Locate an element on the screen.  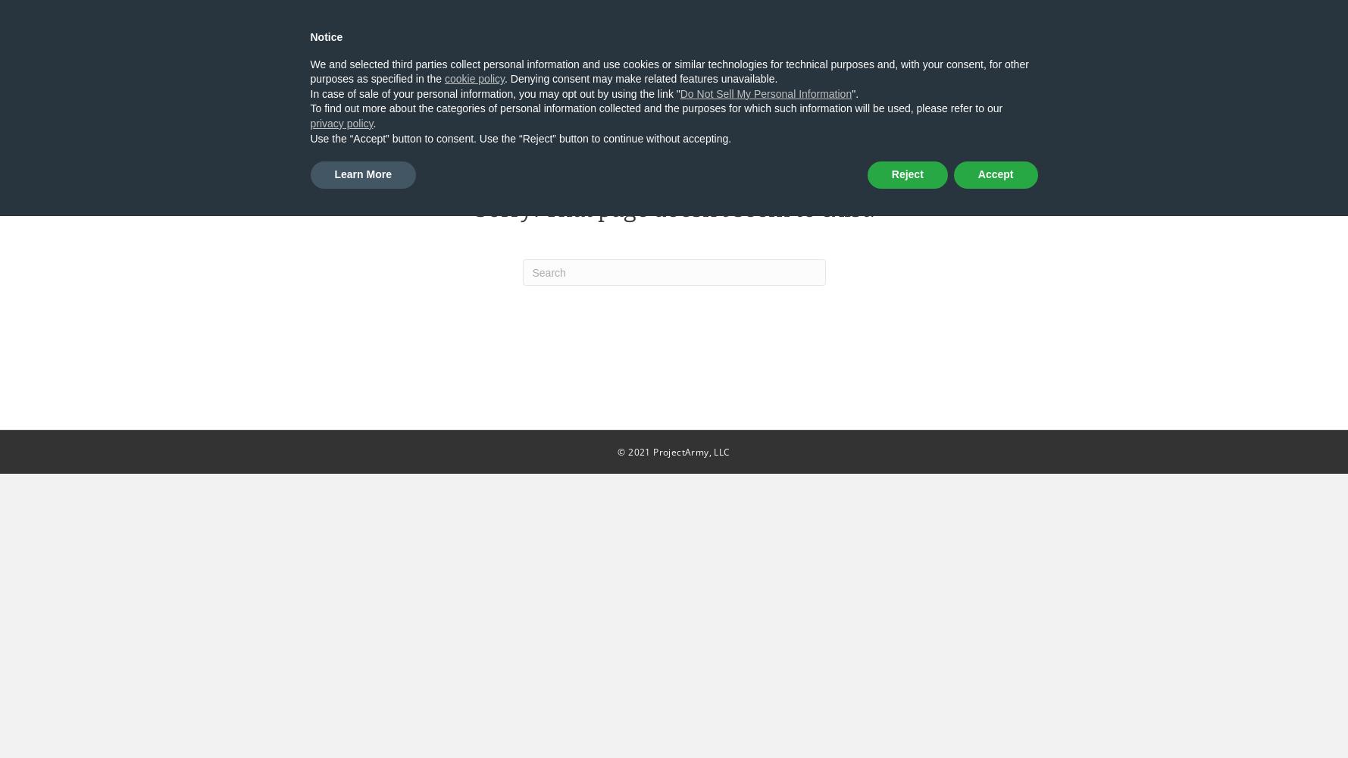
'Notice' is located at coordinates (326, 37).